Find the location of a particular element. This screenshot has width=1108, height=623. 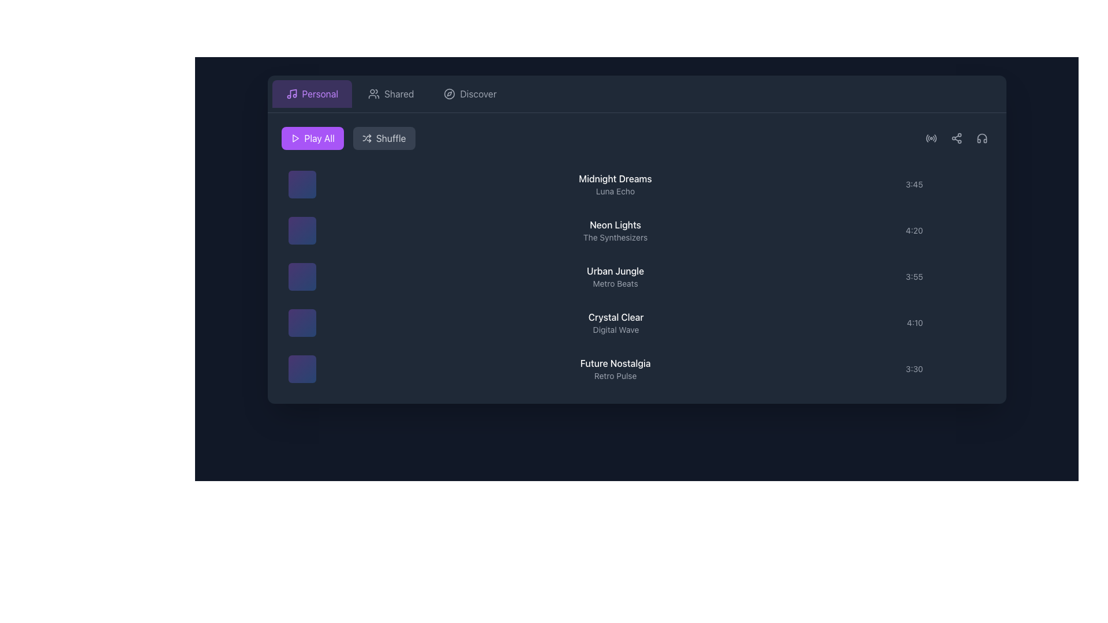

the subtle text label displaying '4:20' located in the rightmost column, aligned with 'Crystal Clear' and 'Digital Wave' is located at coordinates (914, 231).